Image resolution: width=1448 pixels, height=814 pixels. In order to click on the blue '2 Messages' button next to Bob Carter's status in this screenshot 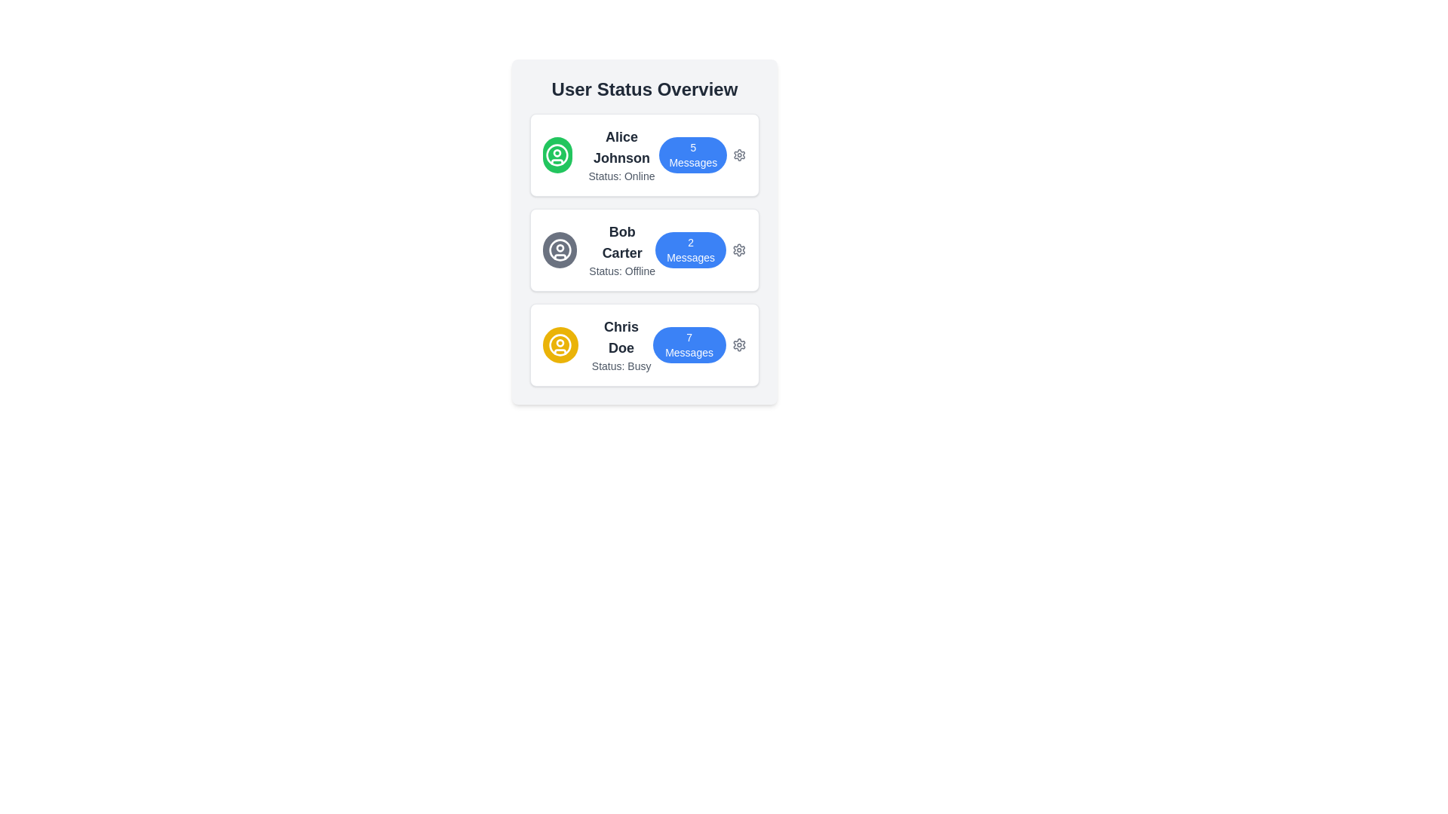, I will do `click(690, 249)`.